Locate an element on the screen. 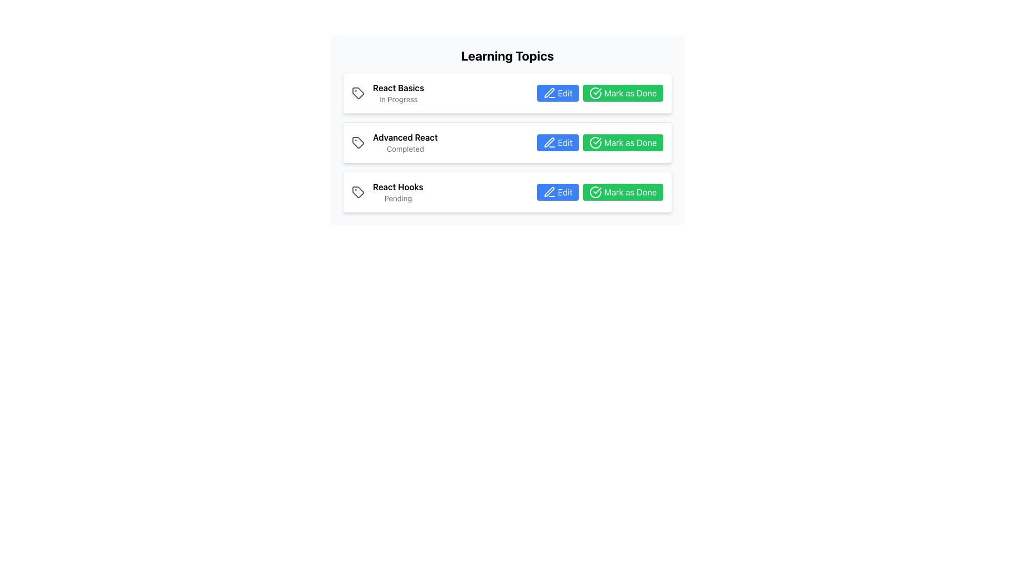  the stylized pen icon associated with the 'Edit' button next to the 'React Hooks' topic in the third row is located at coordinates (549, 192).